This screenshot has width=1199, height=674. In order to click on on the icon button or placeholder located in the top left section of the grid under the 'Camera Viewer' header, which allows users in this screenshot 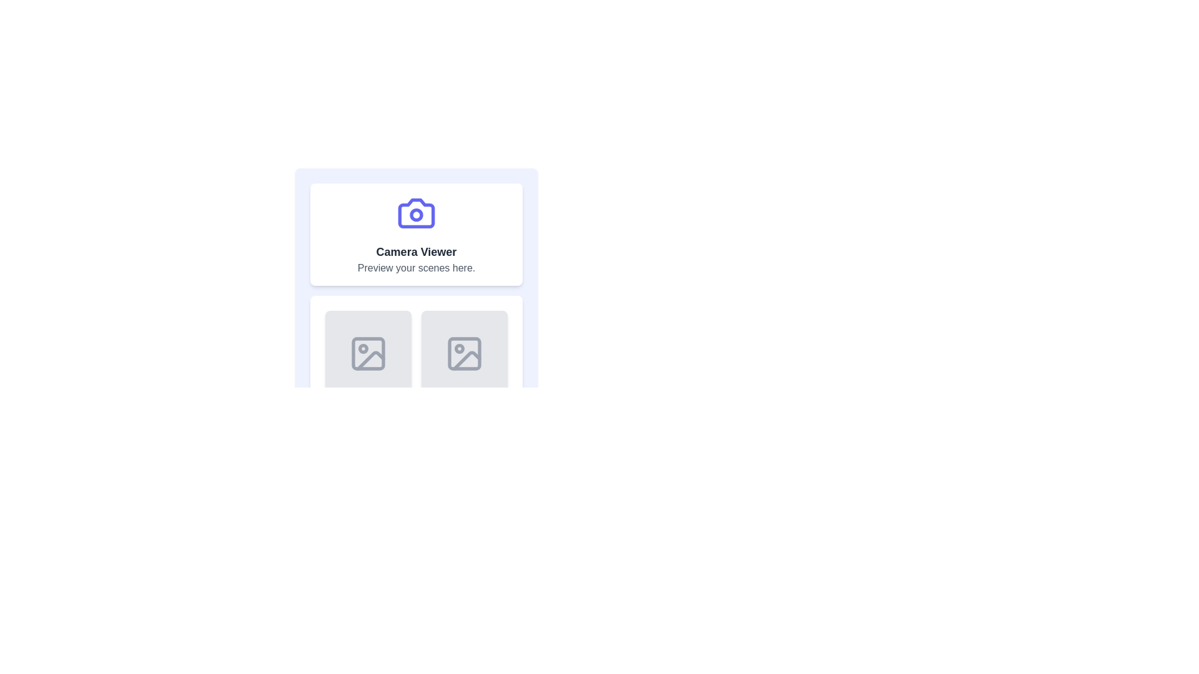, I will do `click(368, 354)`.